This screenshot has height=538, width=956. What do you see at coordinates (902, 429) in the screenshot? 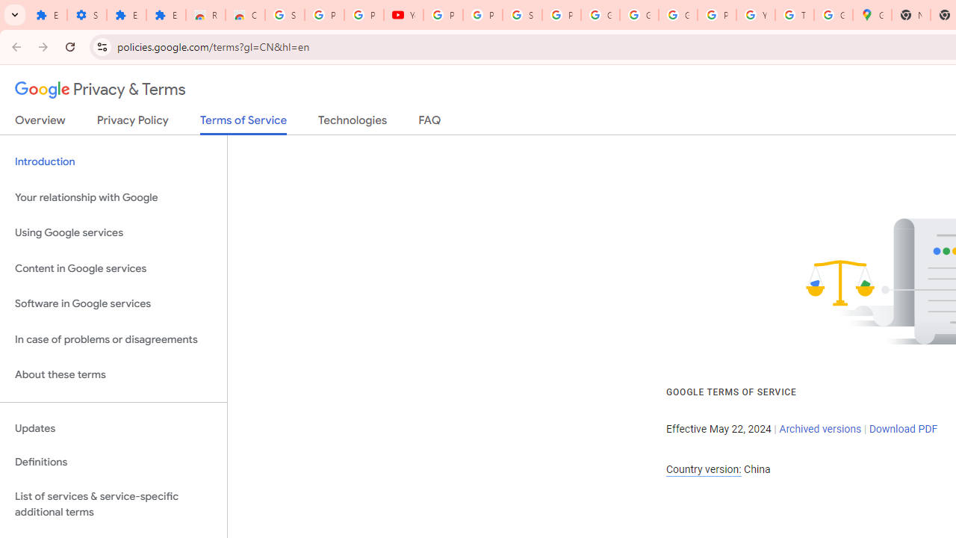
I see `'Download PDF'` at bounding box center [902, 429].